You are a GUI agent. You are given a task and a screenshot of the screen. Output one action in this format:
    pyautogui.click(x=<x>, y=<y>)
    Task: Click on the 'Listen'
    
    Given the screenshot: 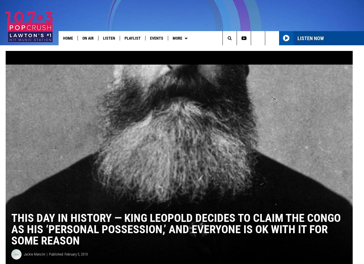 What is the action you would take?
    pyautogui.click(x=109, y=38)
    